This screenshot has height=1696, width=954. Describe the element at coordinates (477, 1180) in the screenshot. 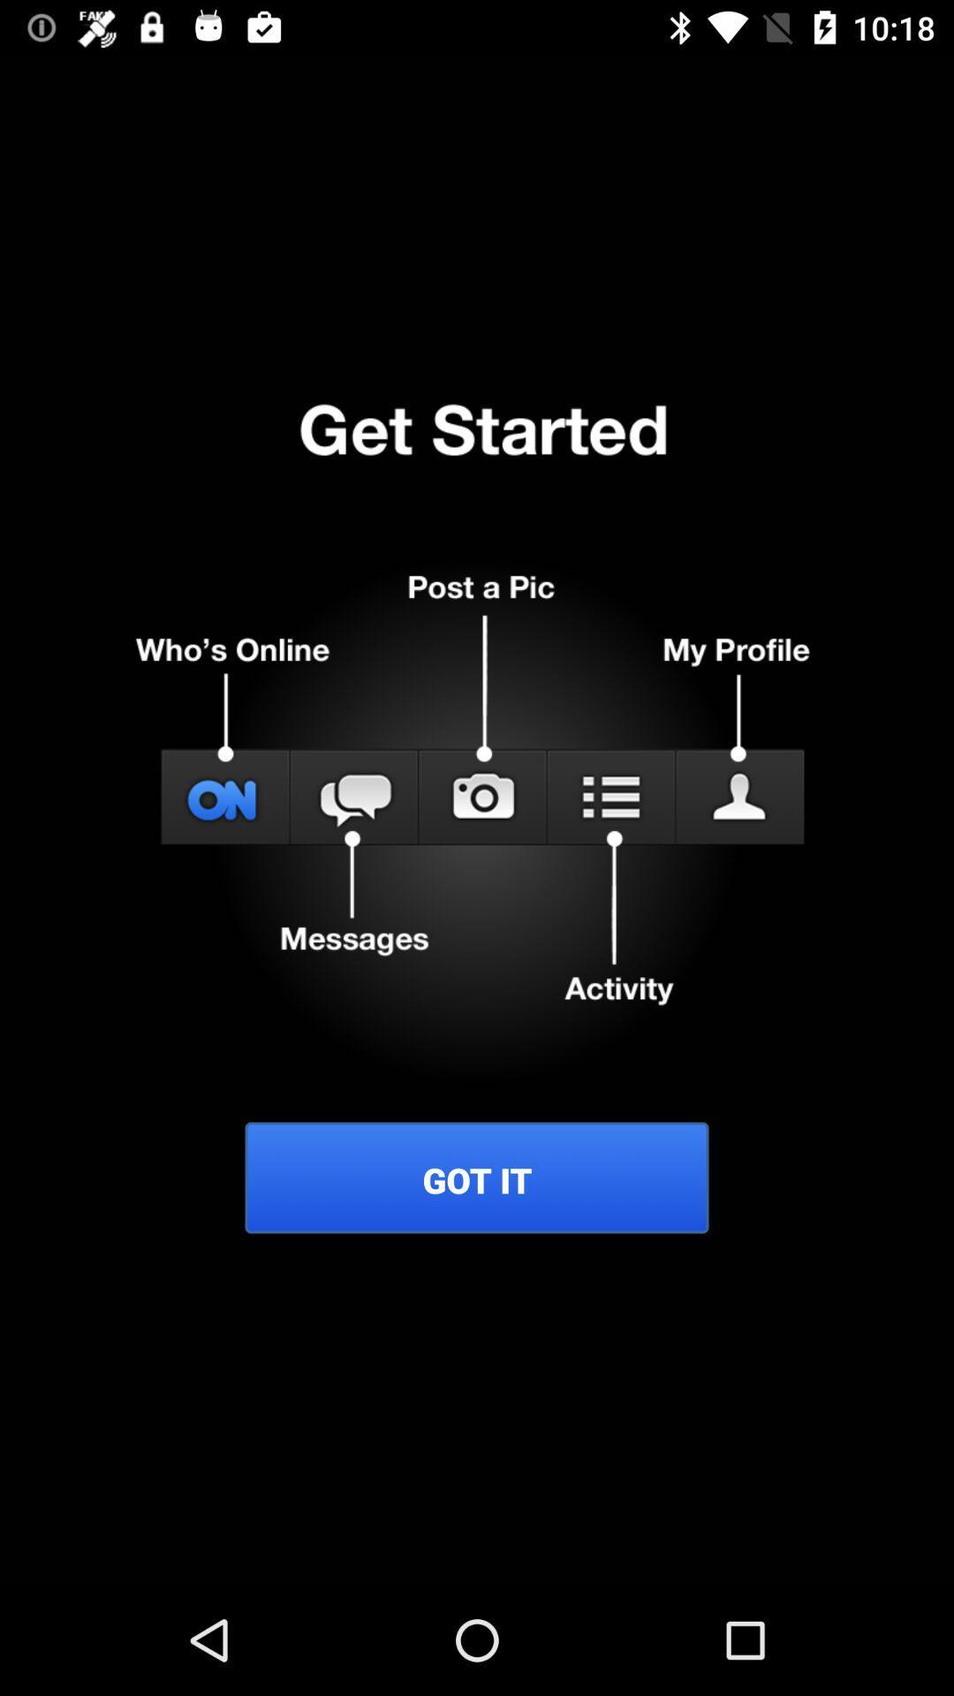

I see `got it item` at that location.